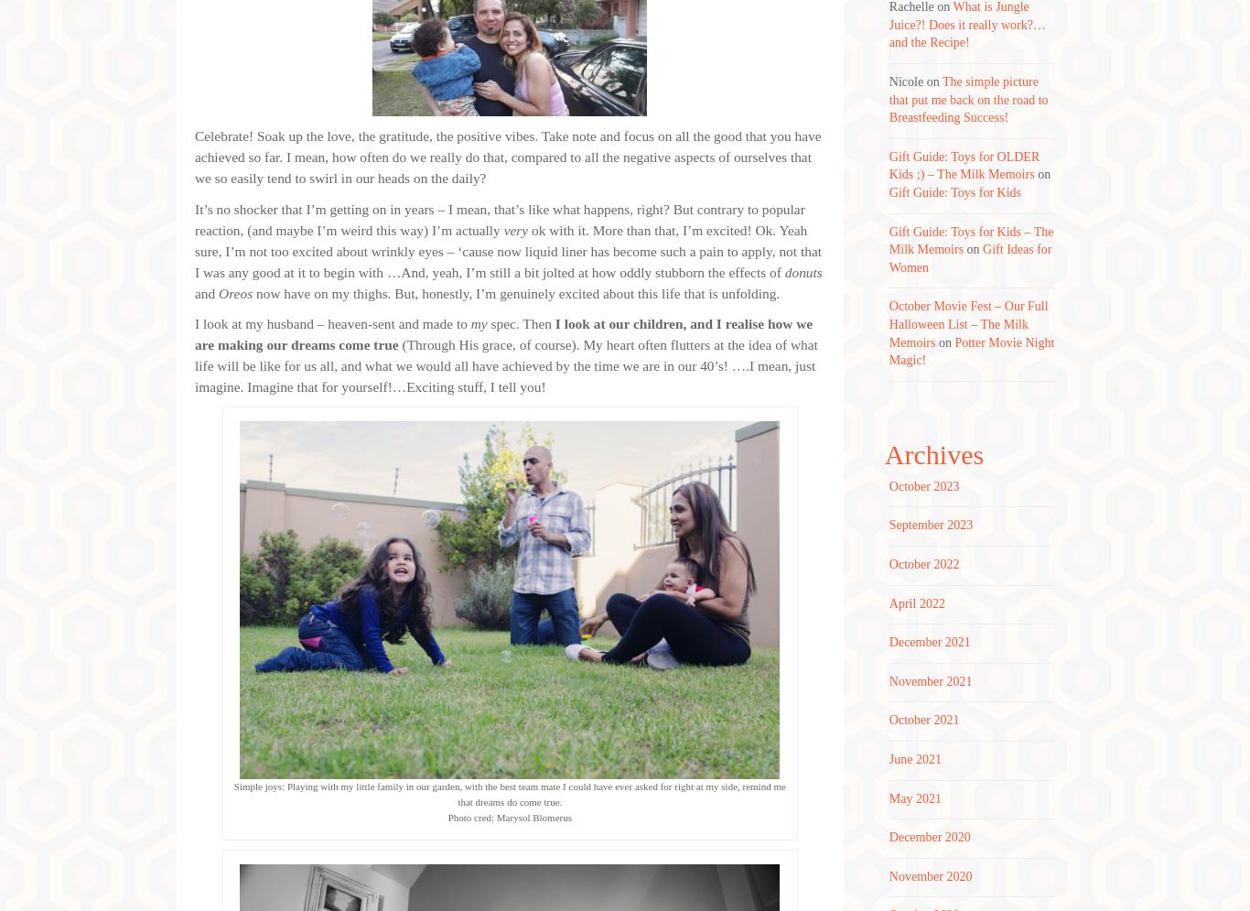 The height and width of the screenshot is (911, 1250). I want to click on 'Nicole', so click(905, 81).